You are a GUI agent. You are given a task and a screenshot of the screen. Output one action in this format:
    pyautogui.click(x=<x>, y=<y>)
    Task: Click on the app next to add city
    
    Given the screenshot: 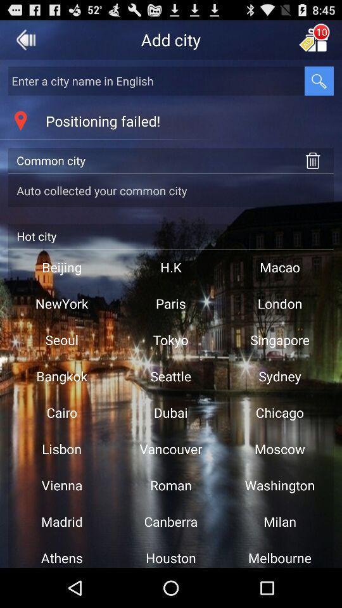 What is the action you would take?
    pyautogui.click(x=26, y=39)
    